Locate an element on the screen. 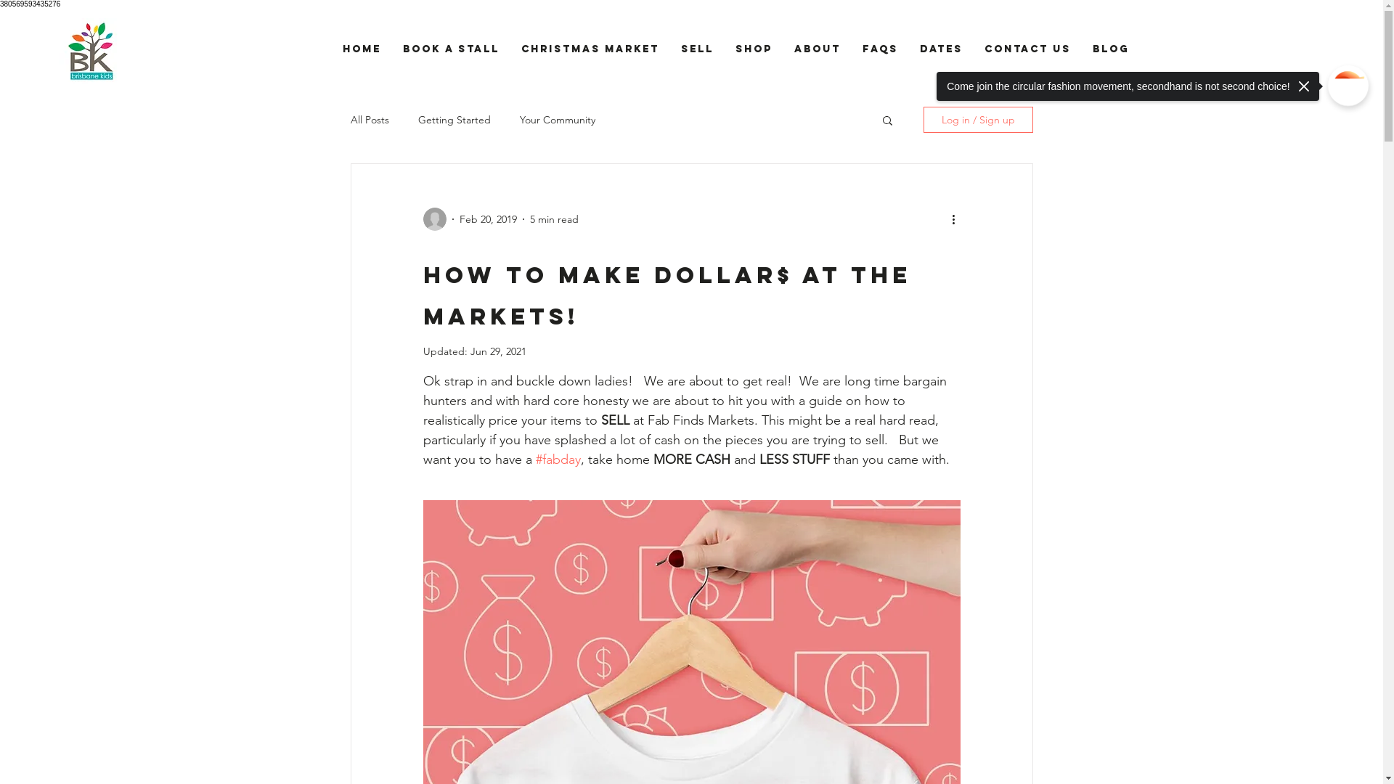 The image size is (1394, 784). 'Log in / Sign up' is located at coordinates (923, 119).